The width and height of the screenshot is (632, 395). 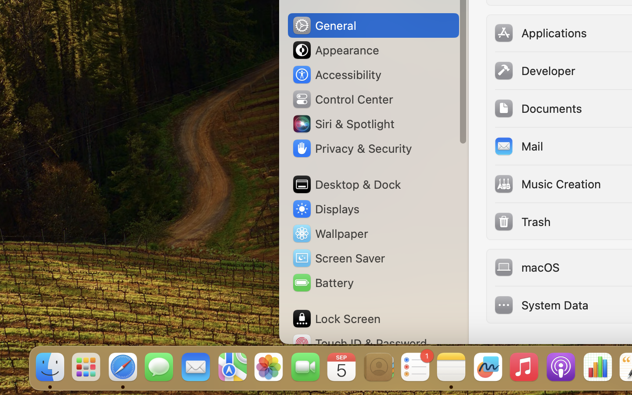 What do you see at coordinates (329, 233) in the screenshot?
I see `'Wallpaper'` at bounding box center [329, 233].